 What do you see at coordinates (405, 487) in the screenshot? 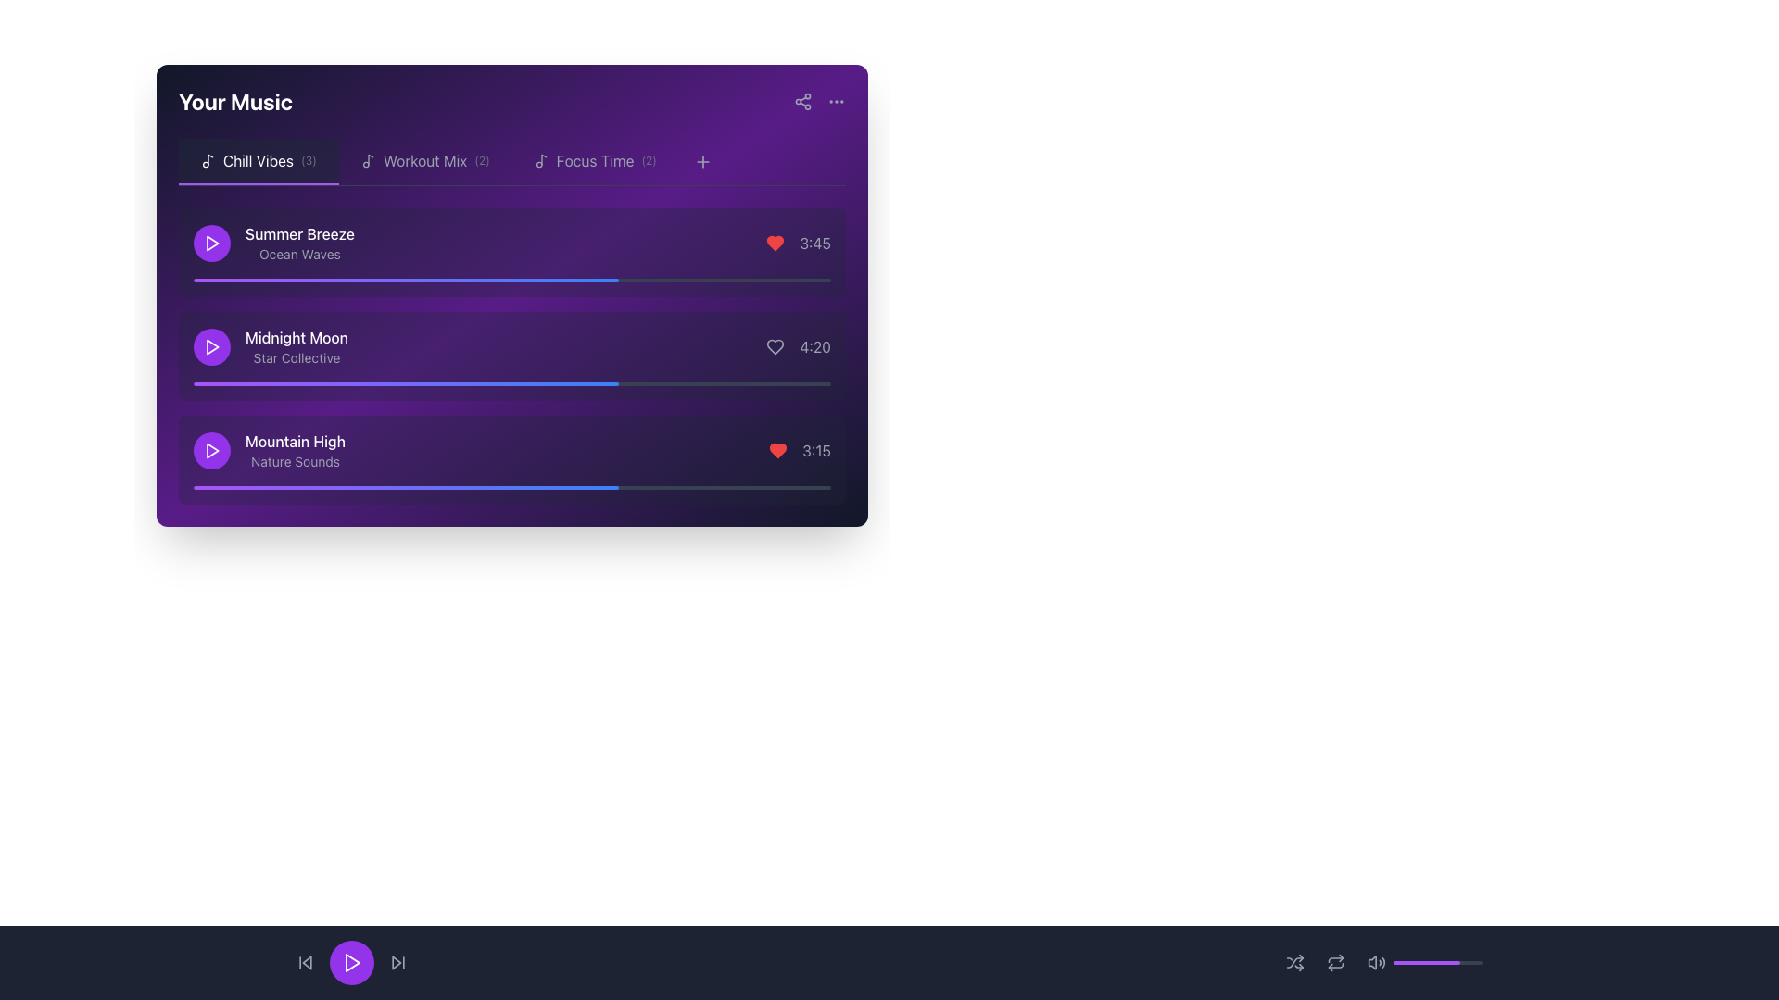
I see `the progress indicator bar located at the bottom of the 'Mountain High' music item in the playlist interface, characterized by its gradient background from purple to blue and rounded edges` at bounding box center [405, 487].